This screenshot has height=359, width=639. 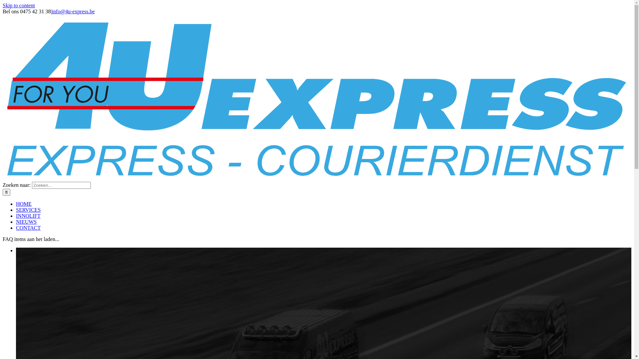 What do you see at coordinates (73, 11) in the screenshot?
I see `'info@4u-express.be'` at bounding box center [73, 11].